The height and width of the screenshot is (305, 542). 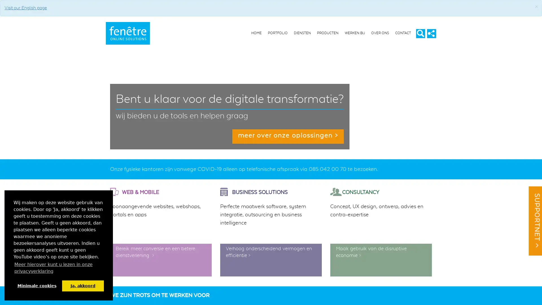 What do you see at coordinates (536, 7) in the screenshot?
I see `Close` at bounding box center [536, 7].